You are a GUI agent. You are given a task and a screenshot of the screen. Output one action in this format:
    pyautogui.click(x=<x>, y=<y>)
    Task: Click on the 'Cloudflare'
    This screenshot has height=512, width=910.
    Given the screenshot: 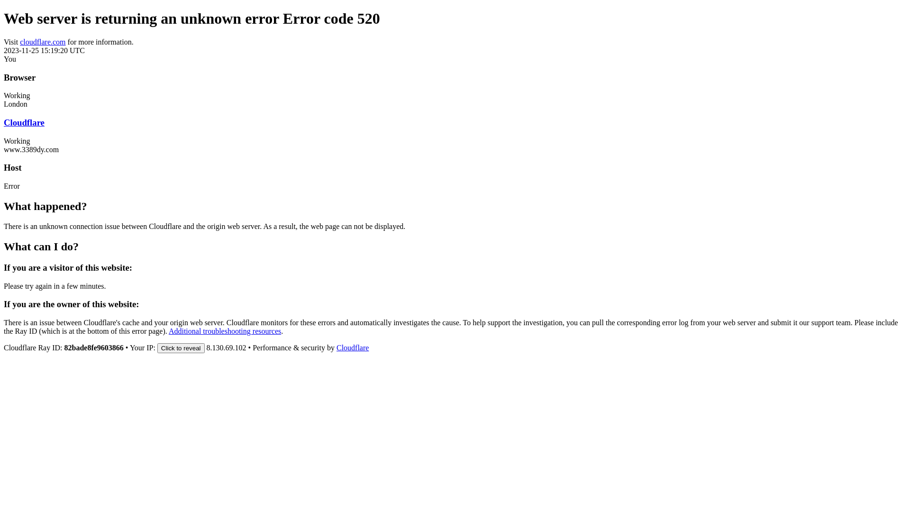 What is the action you would take?
    pyautogui.click(x=24, y=122)
    